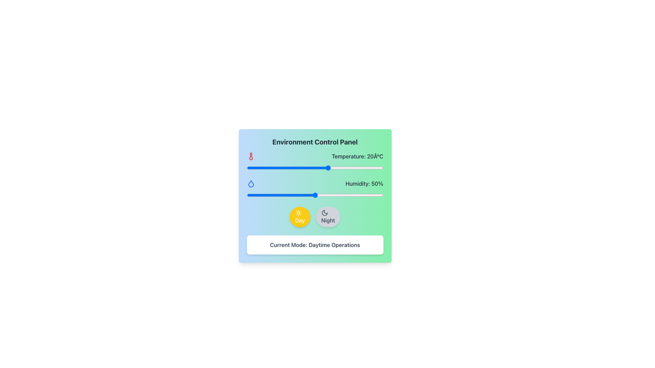 This screenshot has height=368, width=655. What do you see at coordinates (315, 168) in the screenshot?
I see `the handle of the blue temperature range slider located below the label 'Temperature: 20°C'` at bounding box center [315, 168].